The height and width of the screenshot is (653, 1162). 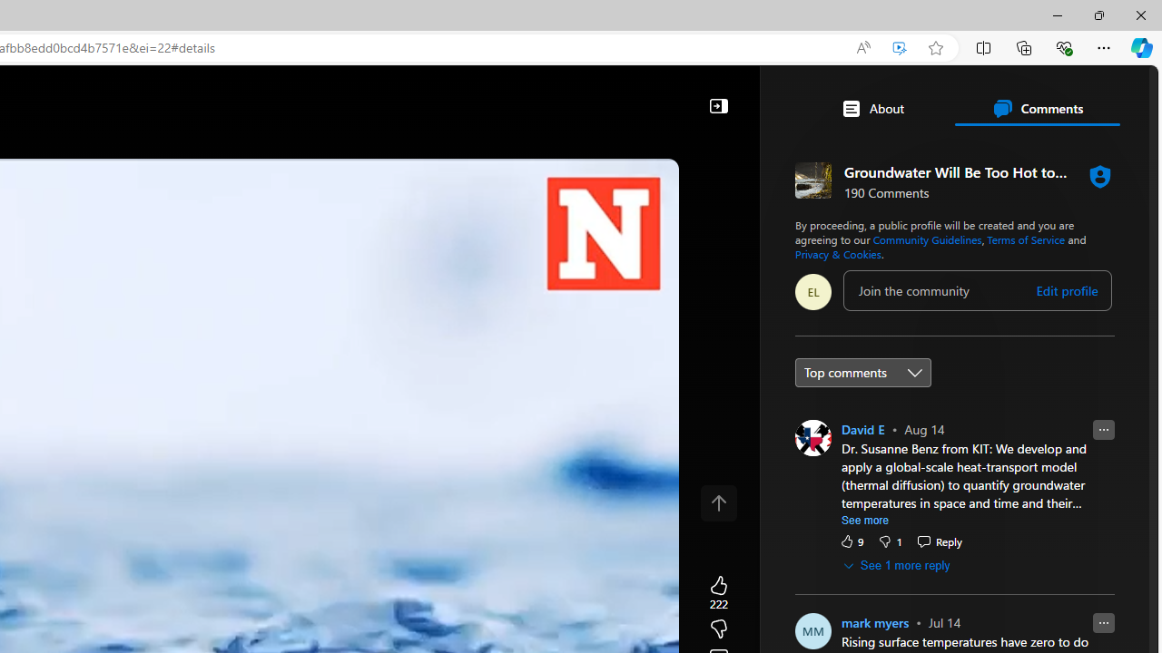 I want to click on 'Collapse', so click(x=717, y=104).